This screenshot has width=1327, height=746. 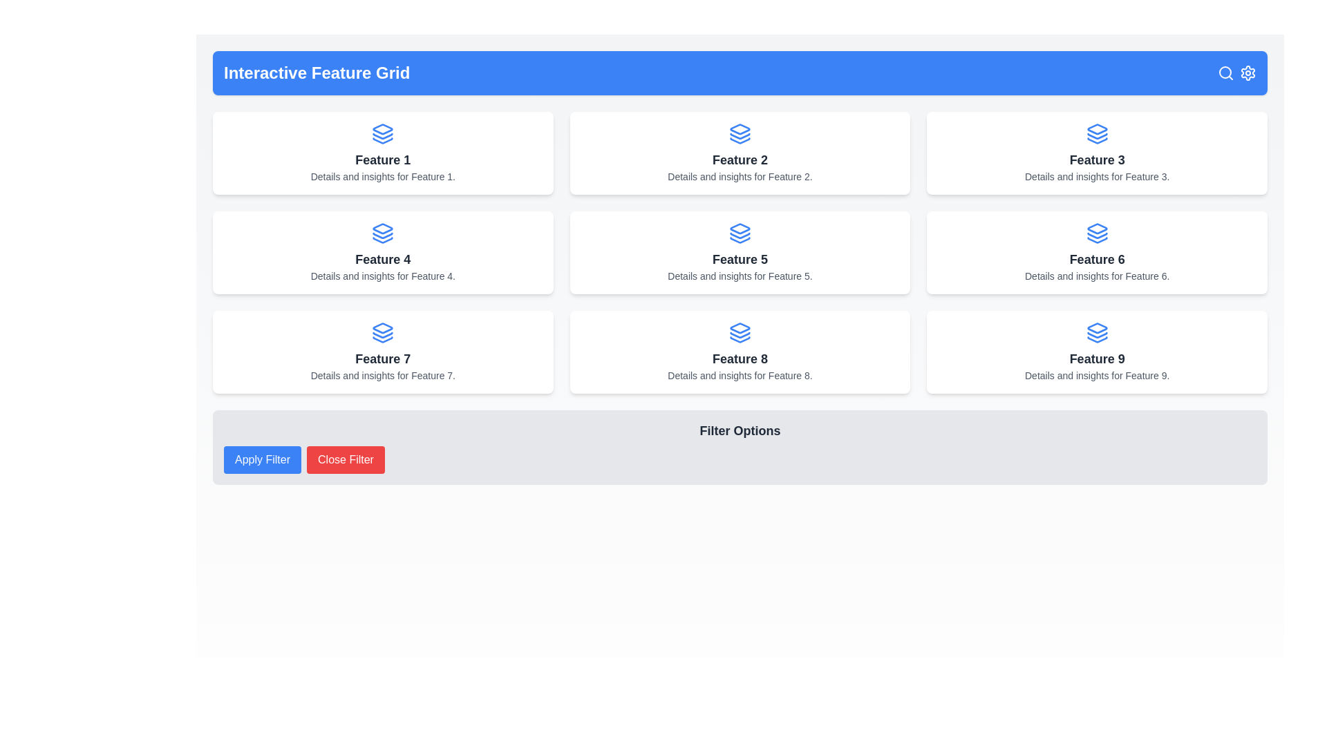 I want to click on contents of the 'Feature 4' overview card located in the second row, first column of the grid layout, so click(x=383, y=253).